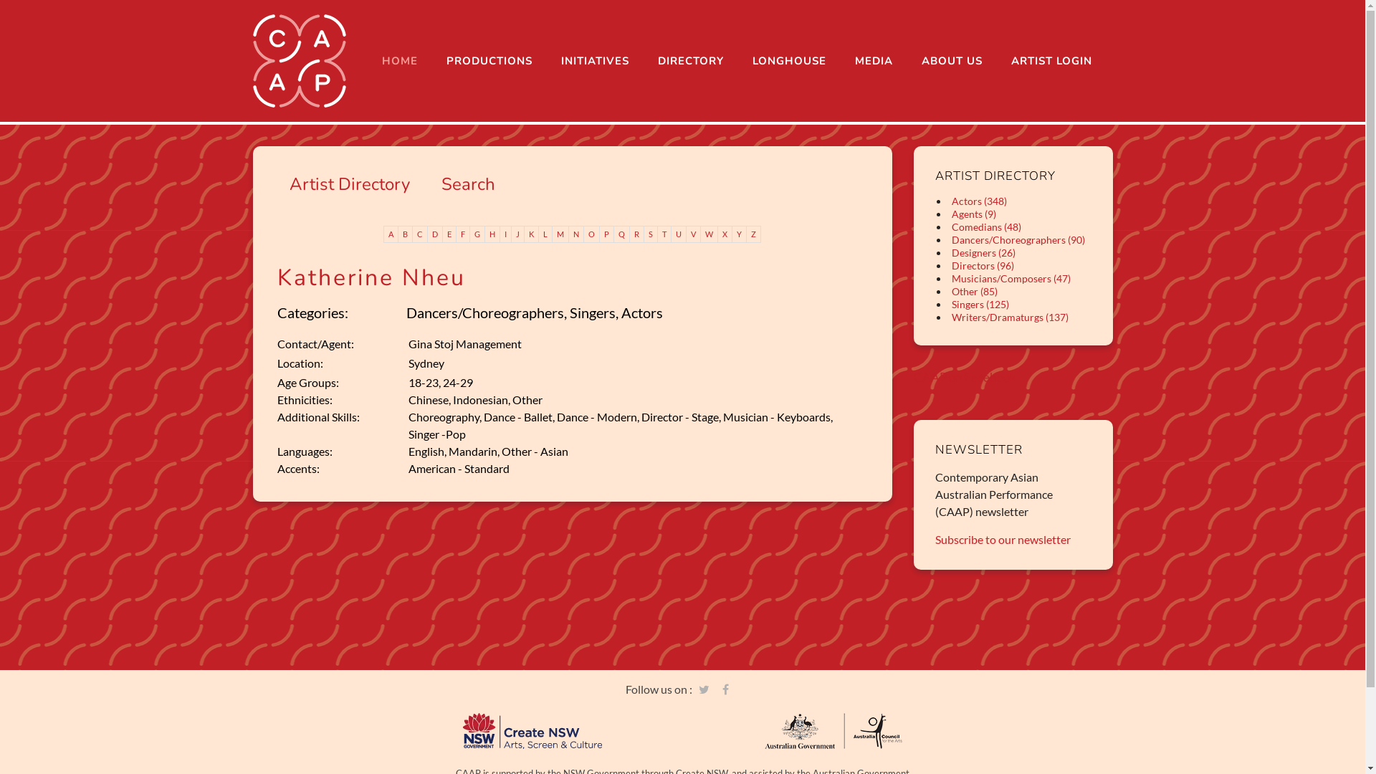 This screenshot has height=774, width=1376. Describe the element at coordinates (1051, 59) in the screenshot. I see `'ARTIST LOGIN'` at that location.